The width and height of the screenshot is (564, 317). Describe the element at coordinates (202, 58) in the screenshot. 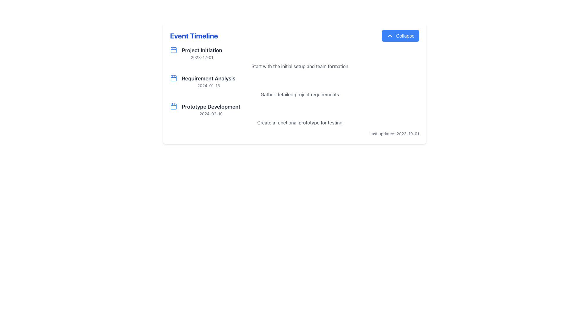

I see `date displayed in the text label element beneath 'Project Initiation', which shows '2023-12-01'` at that location.